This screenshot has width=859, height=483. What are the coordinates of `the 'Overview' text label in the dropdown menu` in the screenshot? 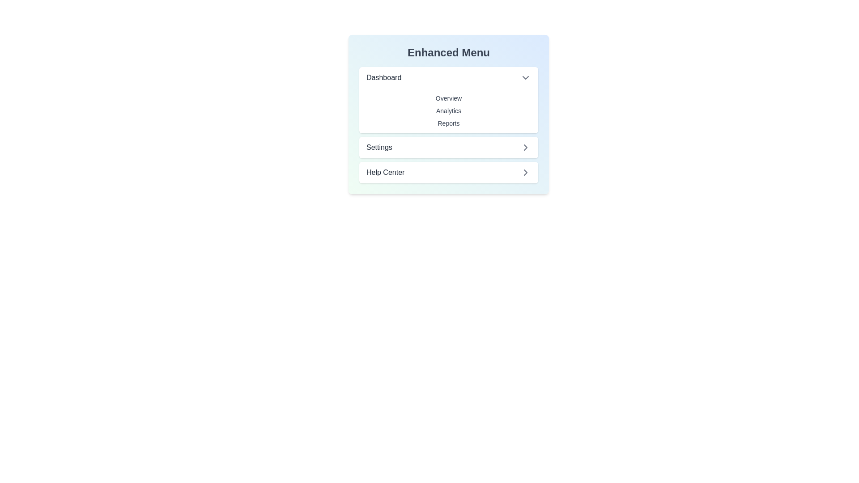 It's located at (449, 98).